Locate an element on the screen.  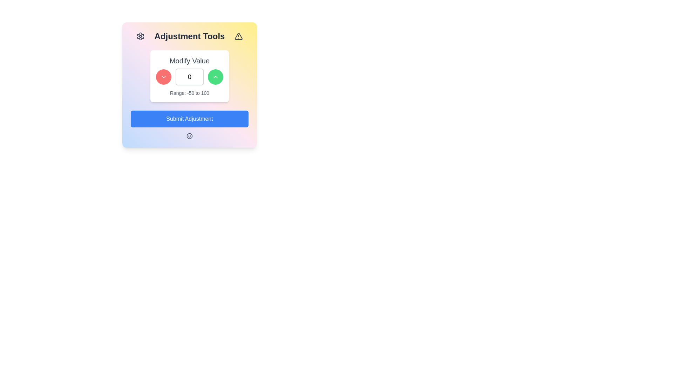
the chevron-up icon located inside the green circular button on the right side of the 'Modify Value' section is located at coordinates (215, 77).